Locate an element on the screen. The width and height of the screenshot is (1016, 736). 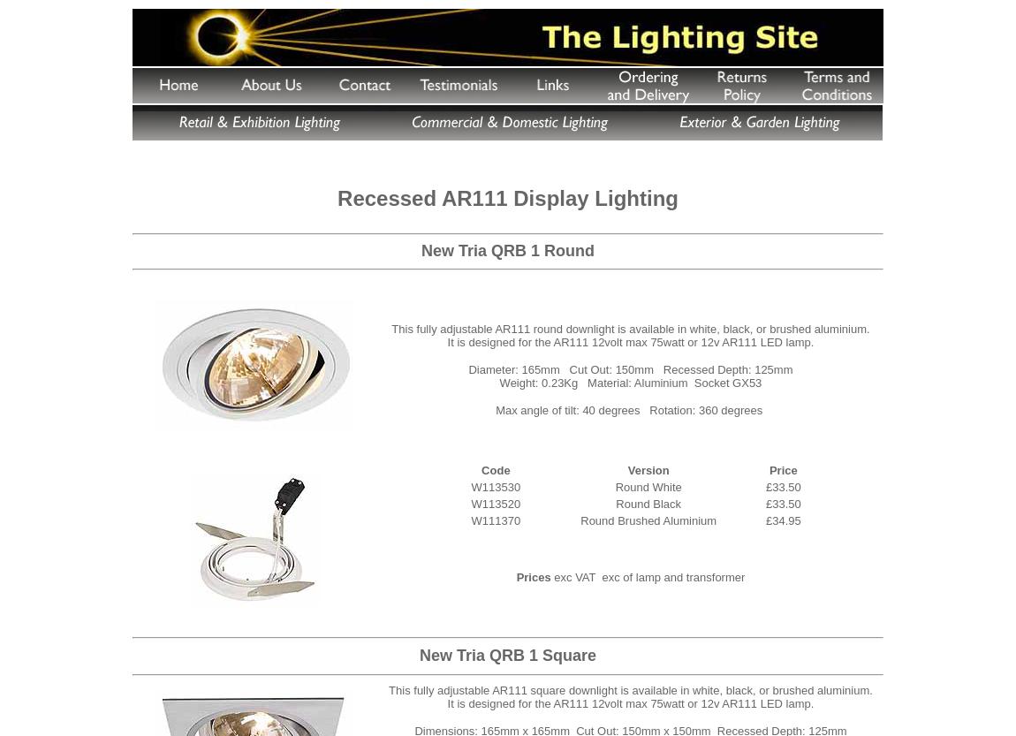
'Round 
                Brushed Aluminium' is located at coordinates (648, 519).